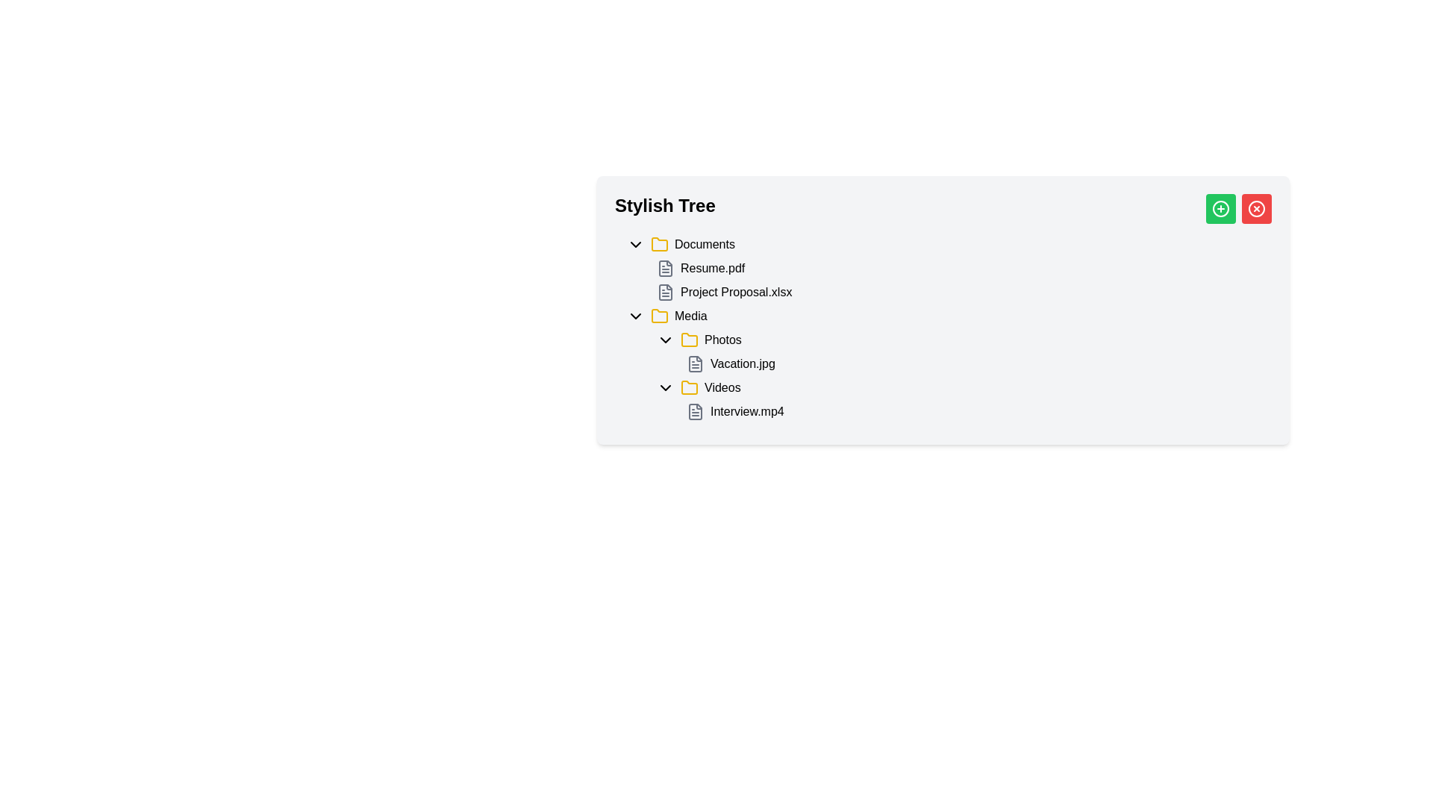  Describe the element at coordinates (1221, 209) in the screenshot. I see `the 'Add' or 'Create' button located in the top-right corner of the 'Stylish Tree' panel` at that location.